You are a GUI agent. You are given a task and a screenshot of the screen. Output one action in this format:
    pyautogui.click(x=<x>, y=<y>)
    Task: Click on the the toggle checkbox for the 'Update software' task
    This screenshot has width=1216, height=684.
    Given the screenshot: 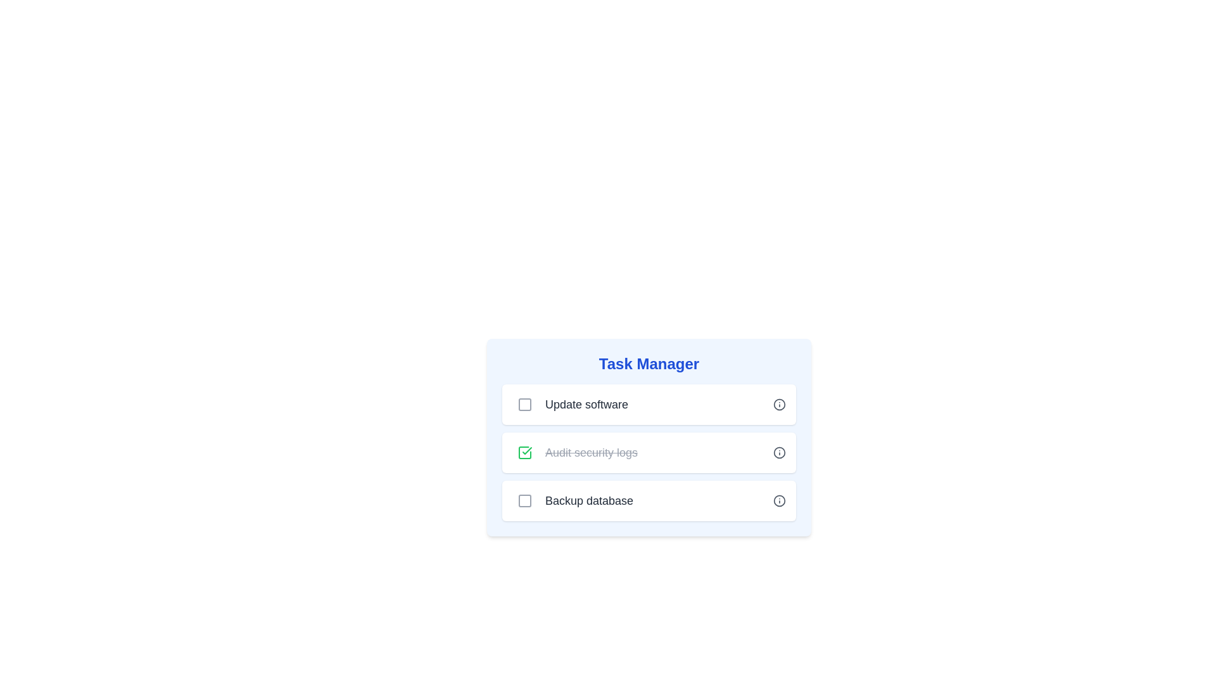 What is the action you would take?
    pyautogui.click(x=525, y=405)
    